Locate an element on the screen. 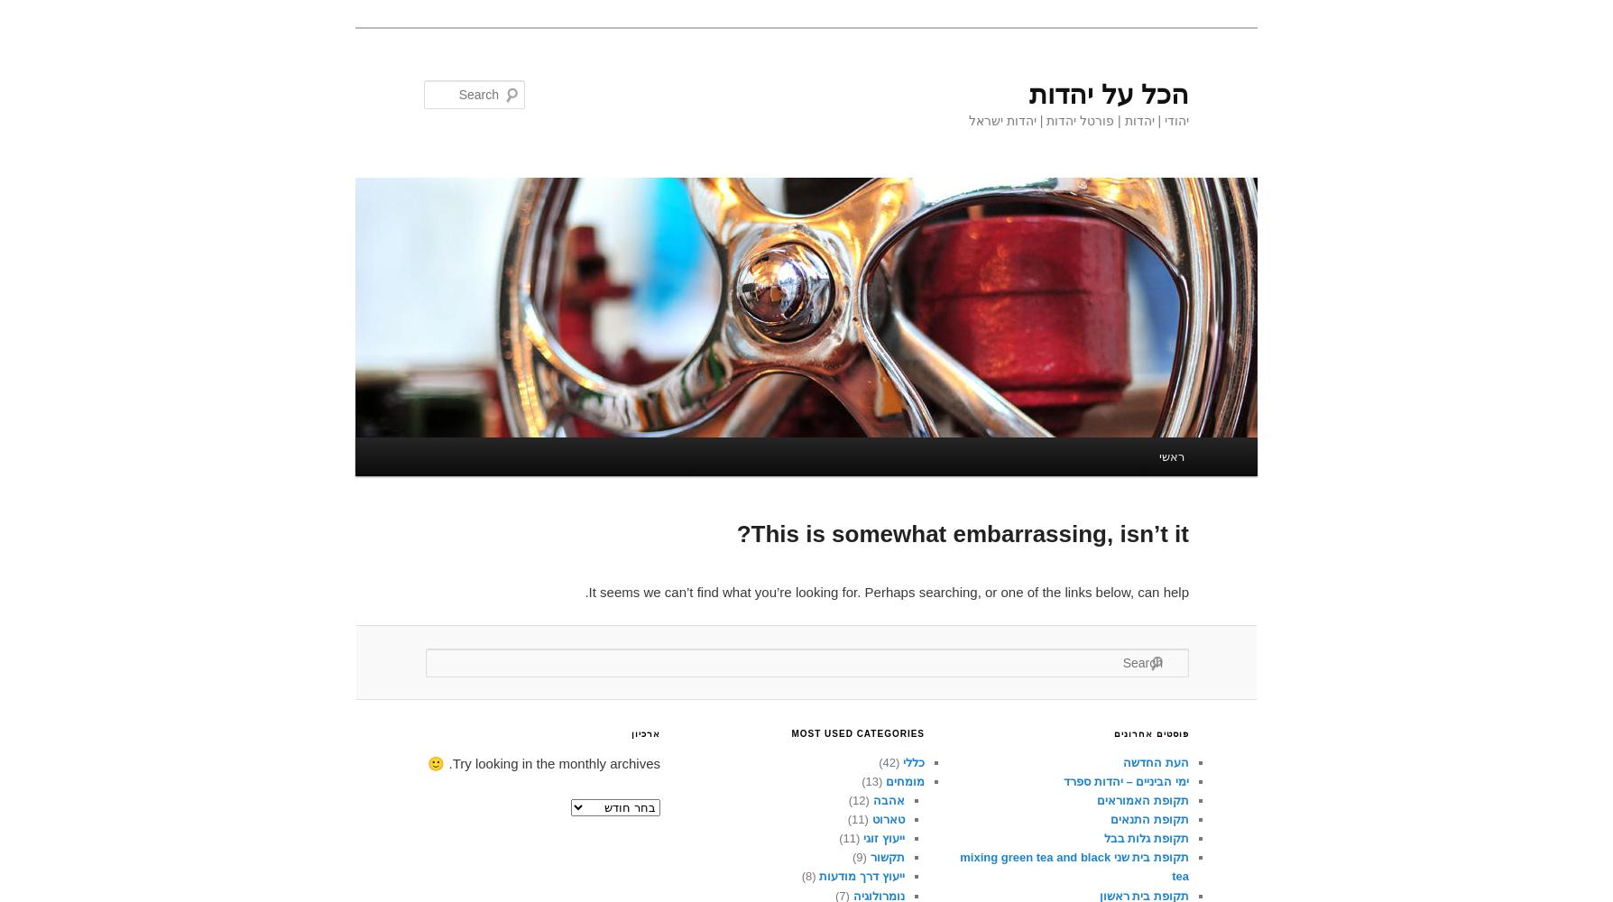  '(9)' is located at coordinates (861, 856).